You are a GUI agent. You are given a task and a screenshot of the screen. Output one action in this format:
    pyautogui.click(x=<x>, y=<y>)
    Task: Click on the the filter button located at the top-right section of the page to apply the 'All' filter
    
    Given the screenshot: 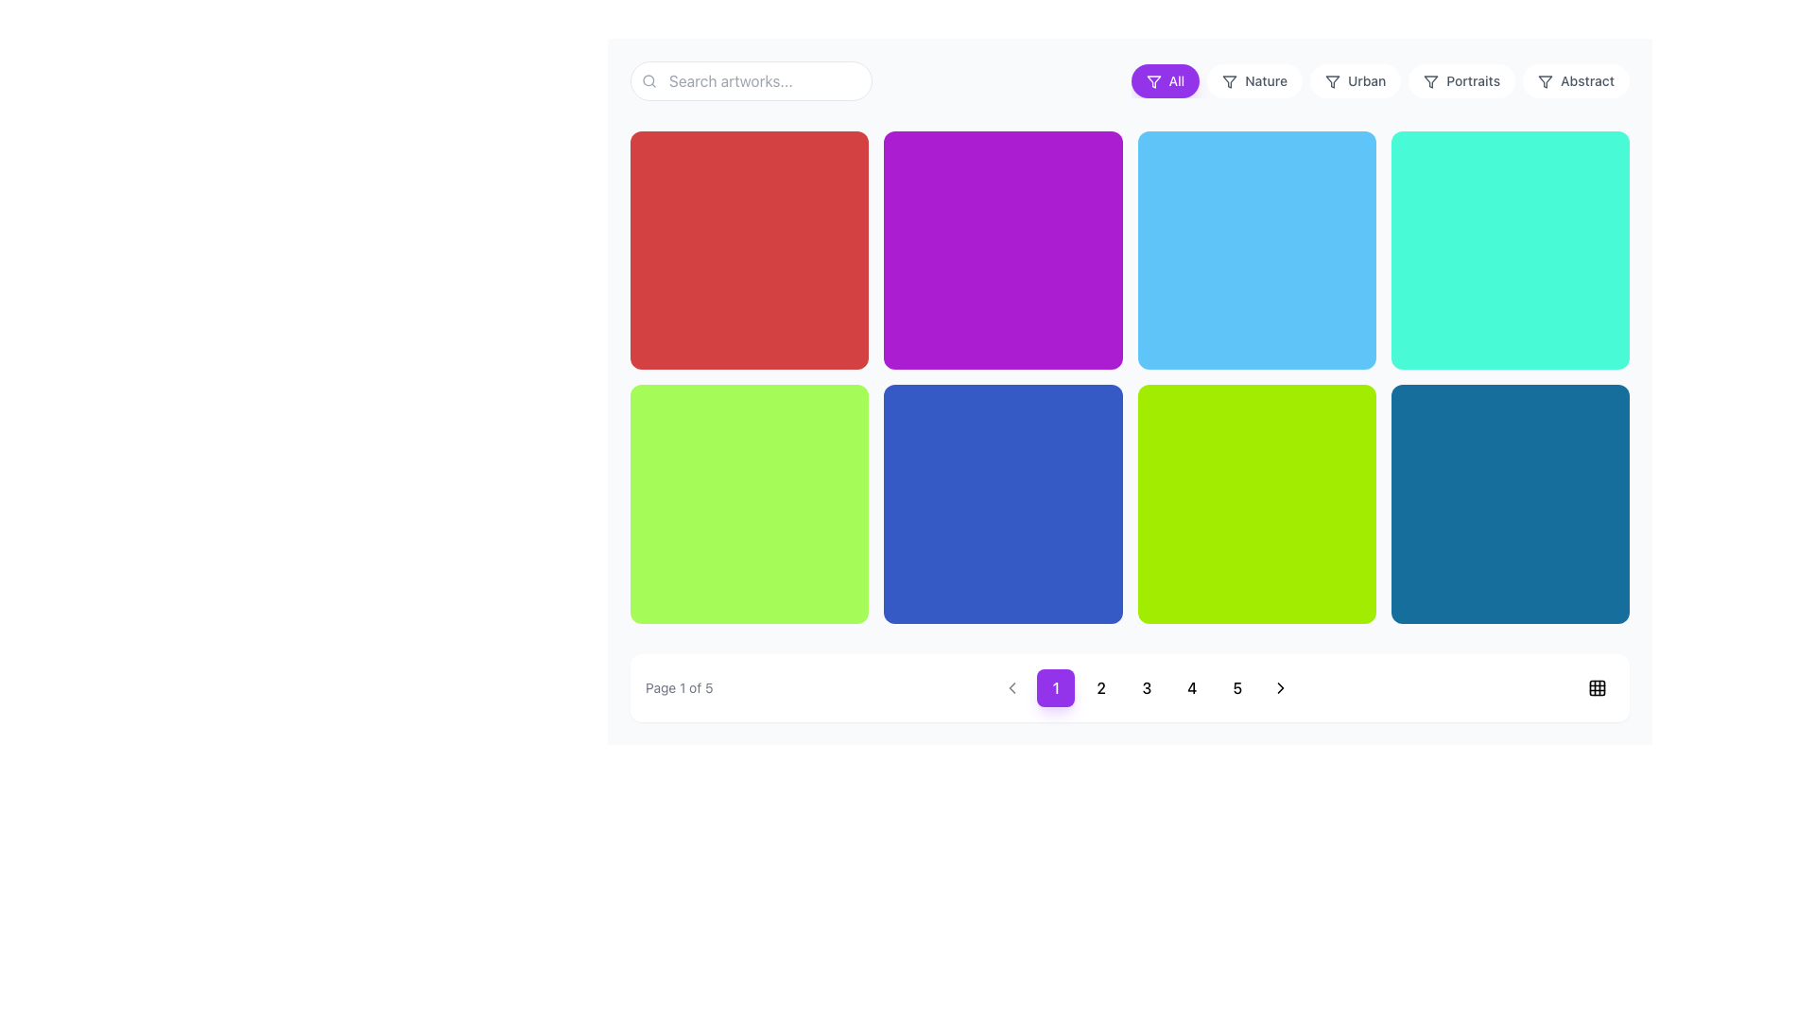 What is the action you would take?
    pyautogui.click(x=1164, y=79)
    